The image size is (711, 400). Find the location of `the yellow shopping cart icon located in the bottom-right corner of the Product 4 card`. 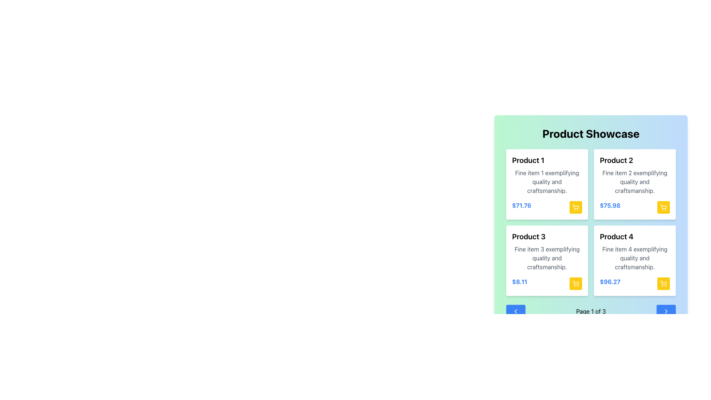

the yellow shopping cart icon located in the bottom-right corner of the Product 4 card is located at coordinates (664, 283).